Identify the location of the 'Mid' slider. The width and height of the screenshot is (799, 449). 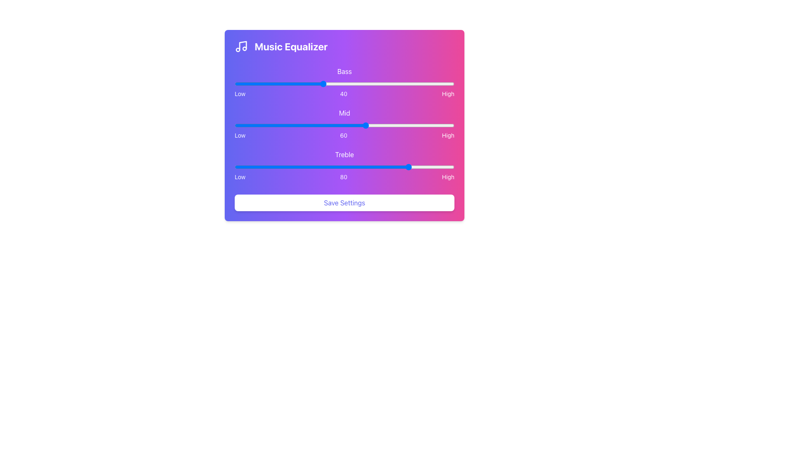
(258, 125).